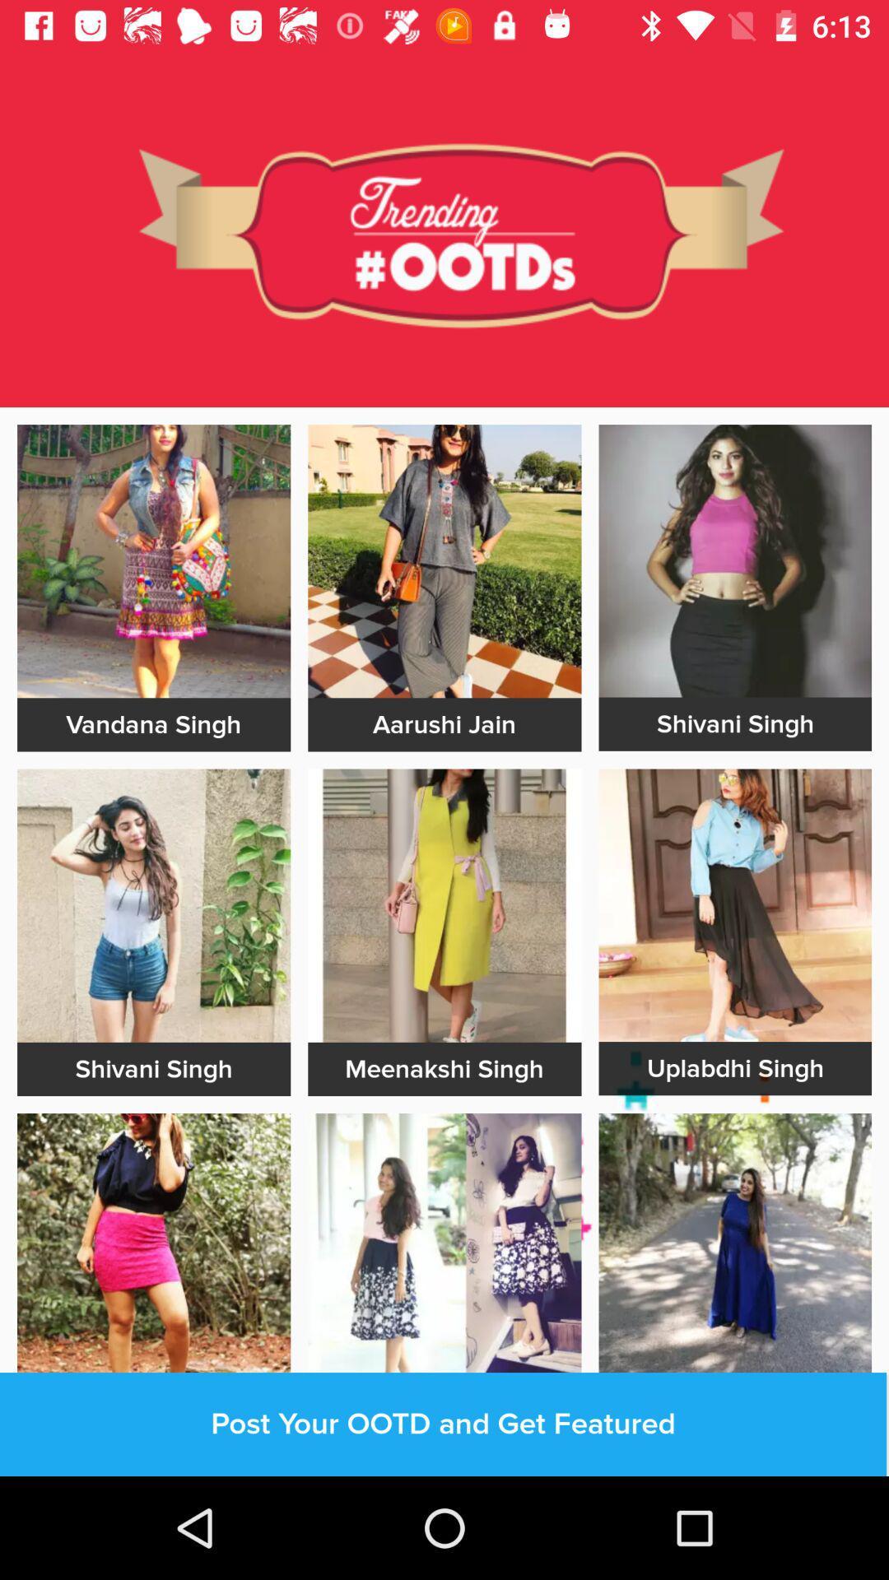  I want to click on advatisment, so click(444, 904).